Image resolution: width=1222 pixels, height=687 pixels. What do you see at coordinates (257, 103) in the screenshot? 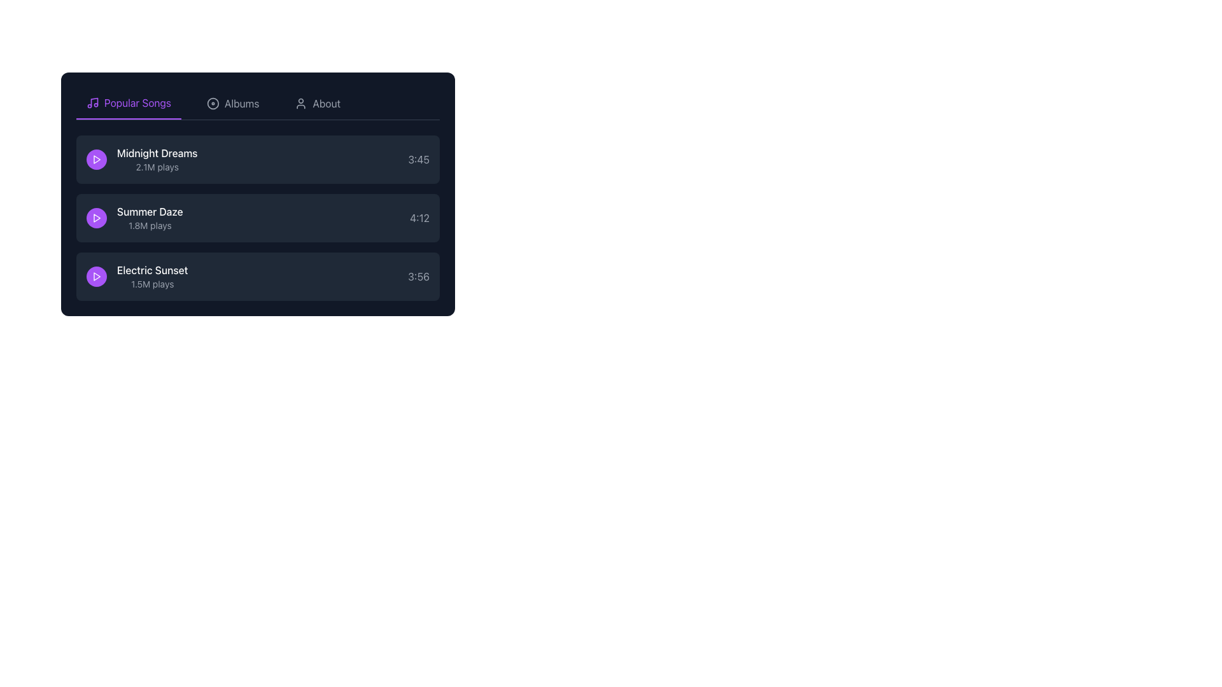
I see `the Tab navigation bar component located centrally between 'Popular Songs' and 'About'` at bounding box center [257, 103].